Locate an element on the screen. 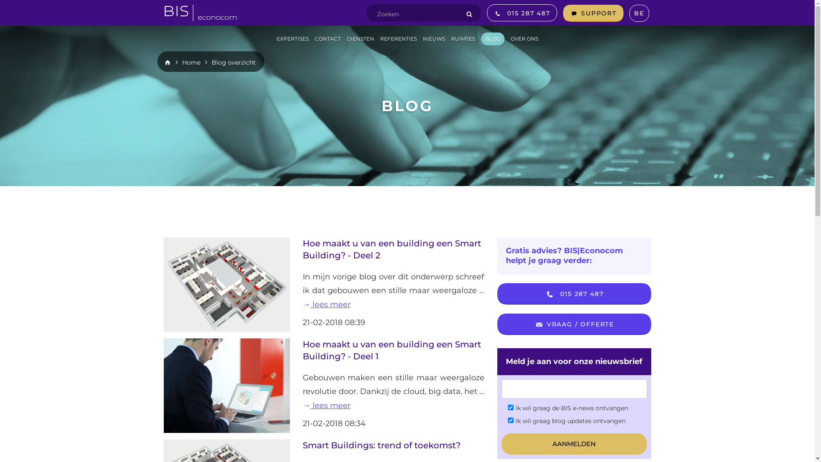 The height and width of the screenshot is (462, 821). 'lees meer' is located at coordinates (393, 412).